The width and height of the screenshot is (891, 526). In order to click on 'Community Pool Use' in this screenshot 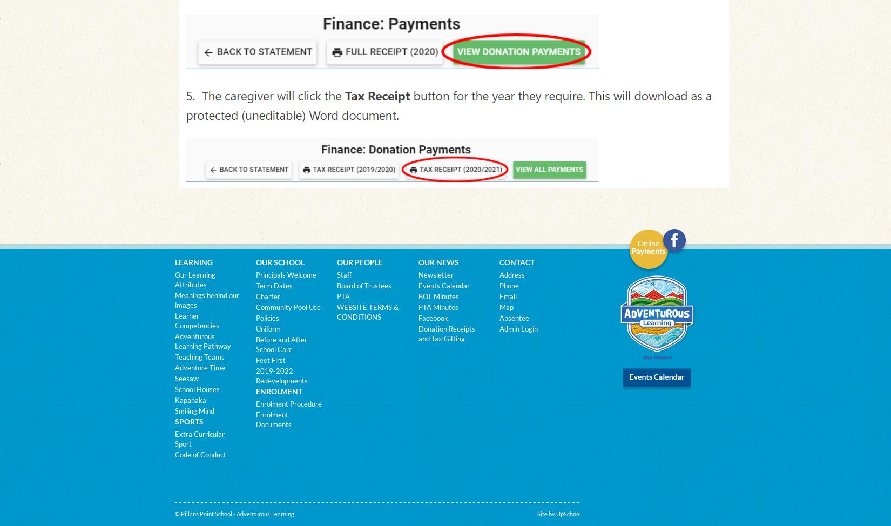, I will do `click(287, 307)`.